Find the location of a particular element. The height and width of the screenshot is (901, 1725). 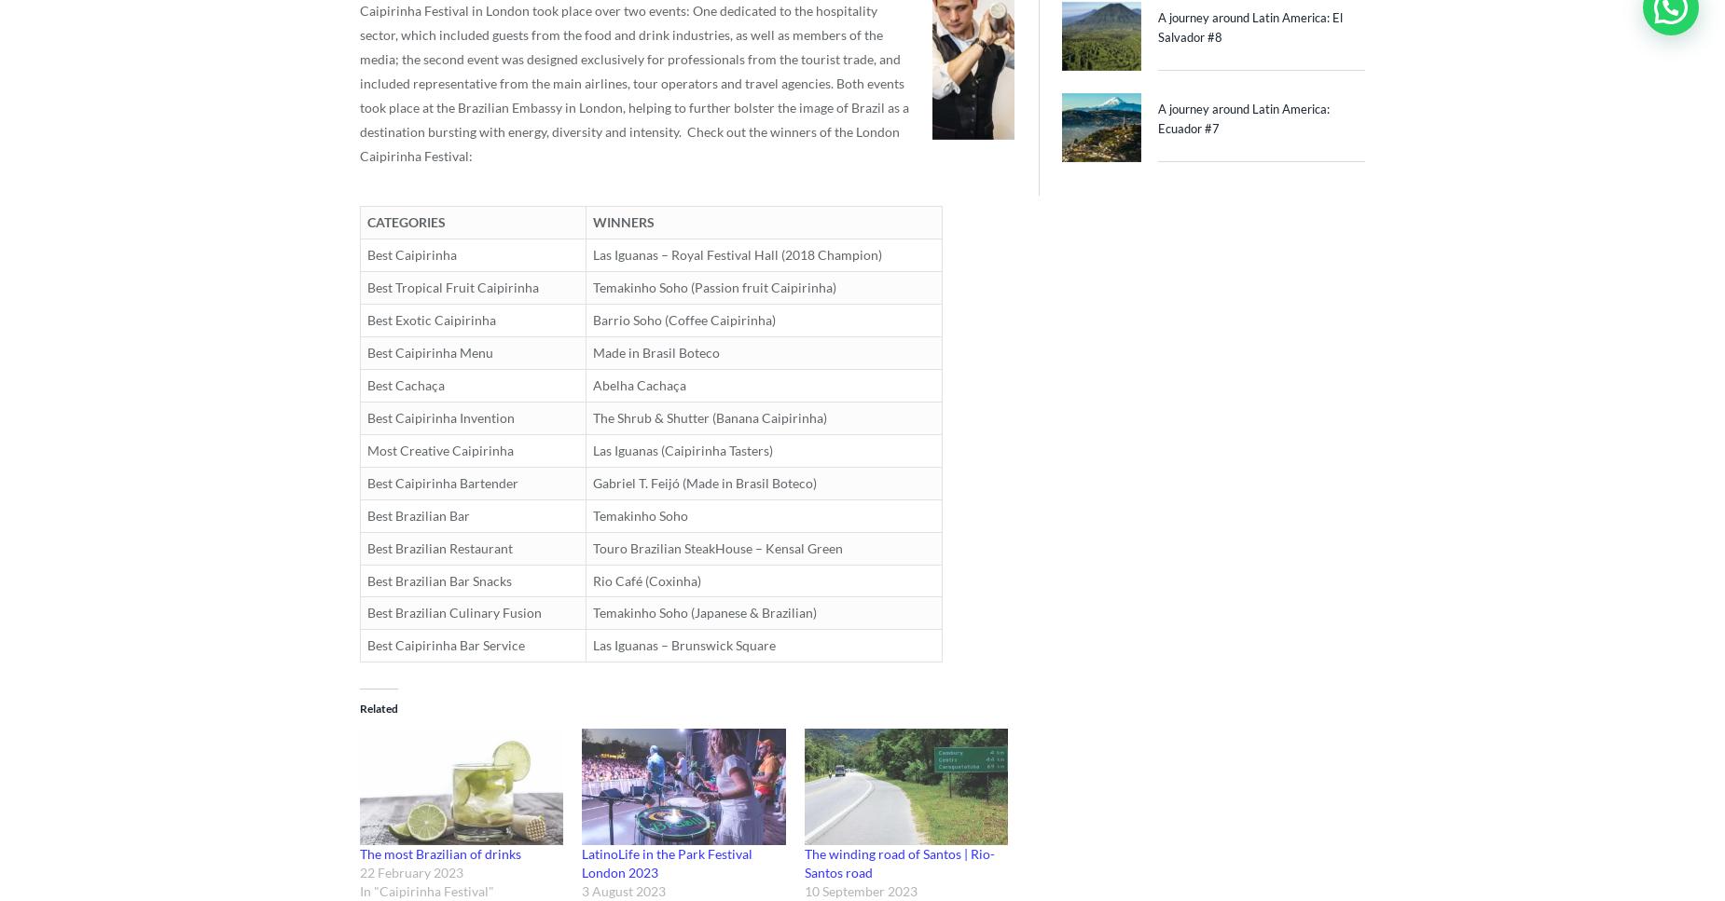

'Temakinho Soho (Japanese & Brazilian)' is located at coordinates (593, 611).